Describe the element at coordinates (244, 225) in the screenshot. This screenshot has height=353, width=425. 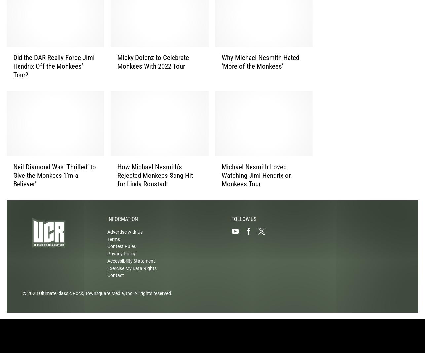
I see `'Follow Us'` at that location.